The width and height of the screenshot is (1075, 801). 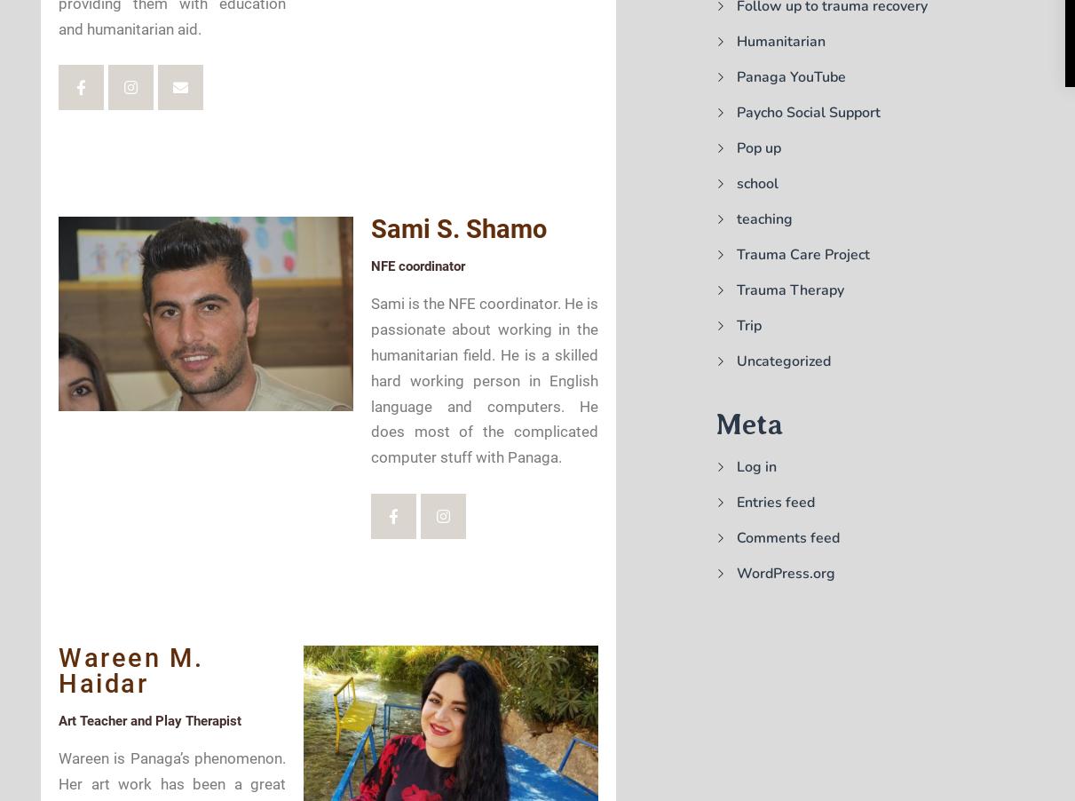 I want to click on 'Uncategorized', so click(x=782, y=361).